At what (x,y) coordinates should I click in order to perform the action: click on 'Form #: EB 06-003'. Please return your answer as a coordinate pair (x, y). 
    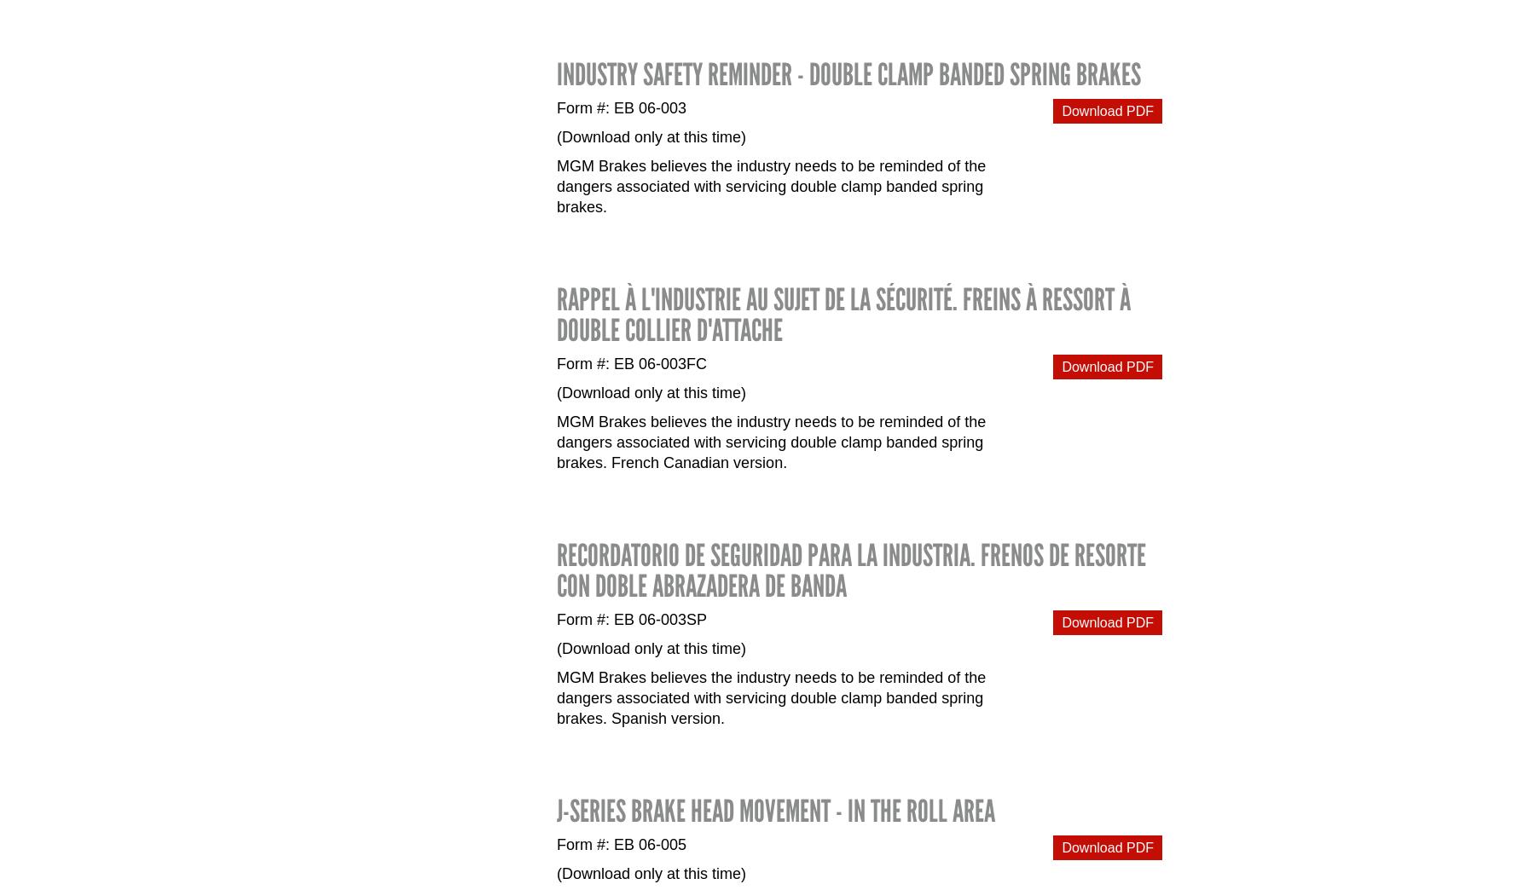
    Looking at the image, I should click on (622, 107).